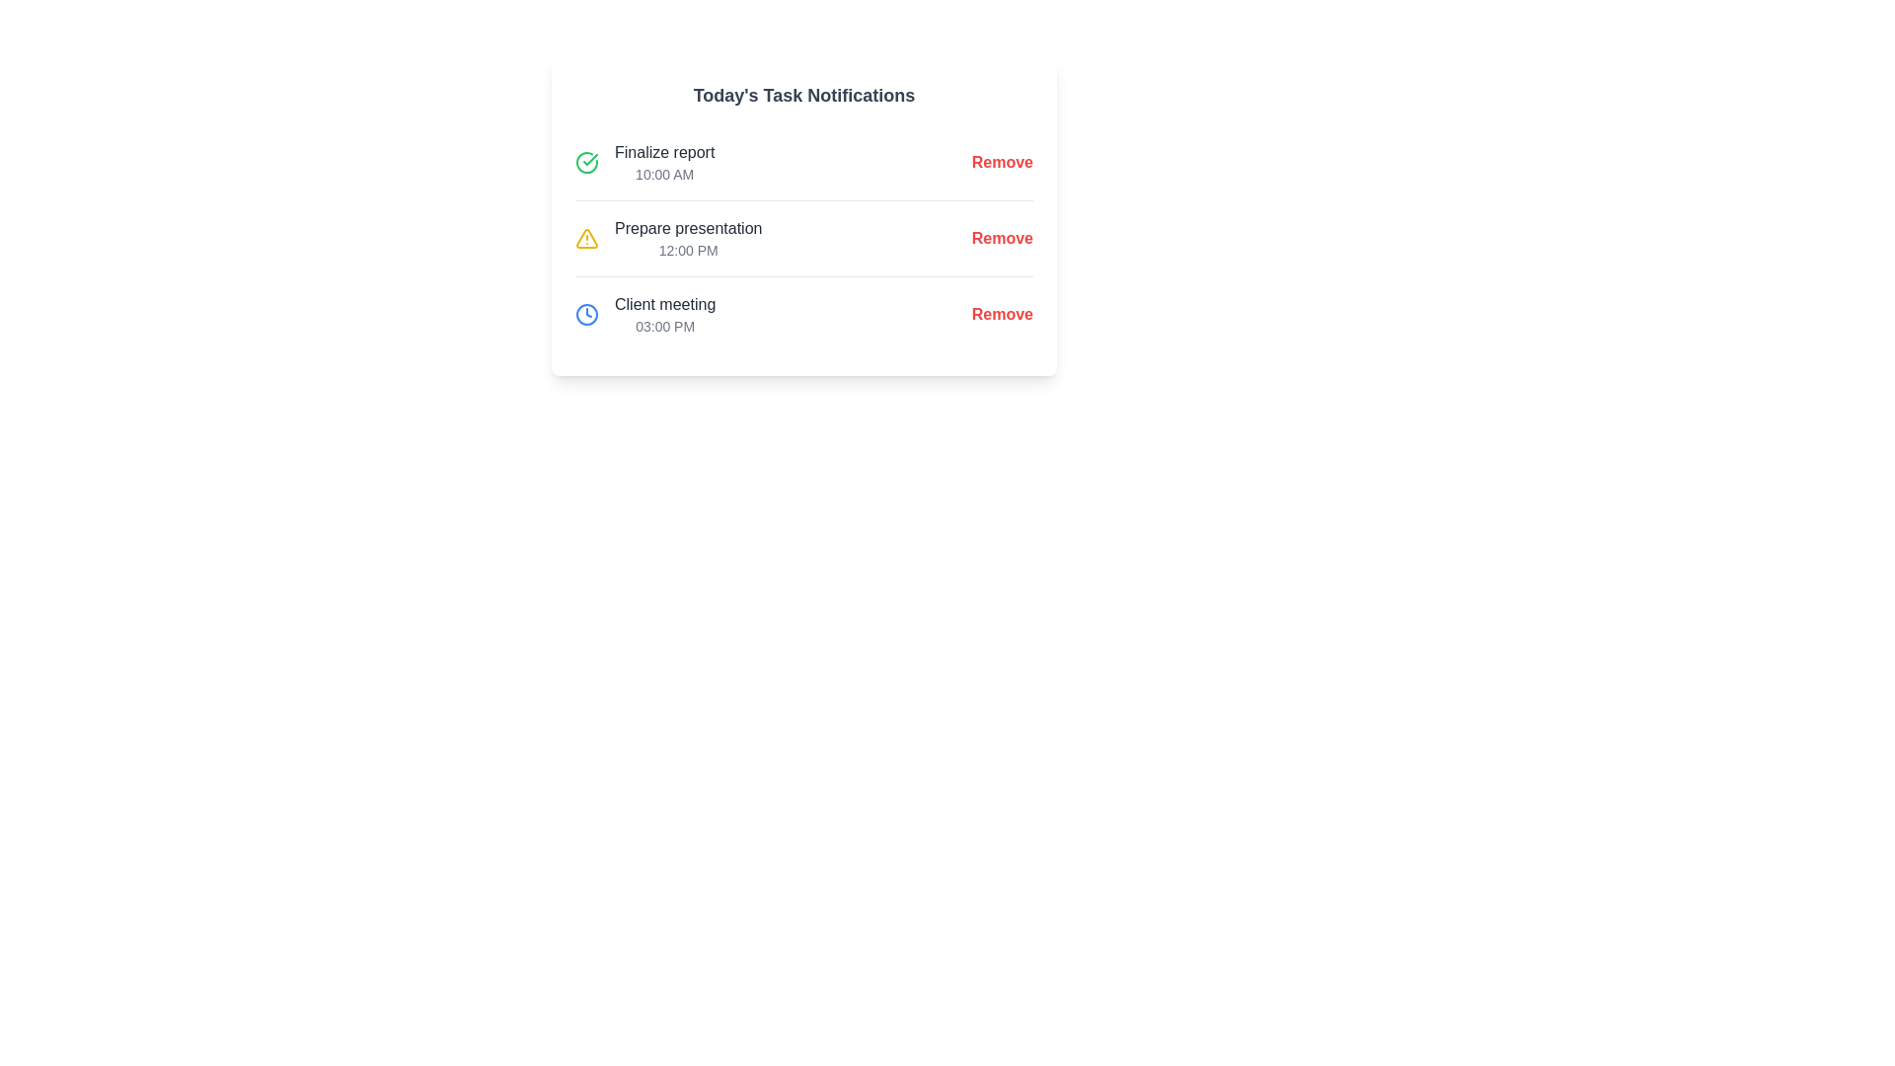  Describe the element at coordinates (1002, 314) in the screenshot. I see `the 'Remove' button displayed in bold red font, located to the right of 'Client meeting' under 'Today's Task Notifications'` at that location.